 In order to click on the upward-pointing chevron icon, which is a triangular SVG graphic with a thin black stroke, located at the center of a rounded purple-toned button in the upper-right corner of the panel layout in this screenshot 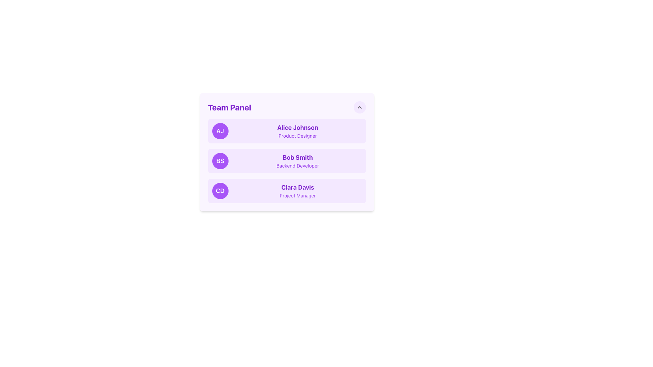, I will do `click(359, 107)`.